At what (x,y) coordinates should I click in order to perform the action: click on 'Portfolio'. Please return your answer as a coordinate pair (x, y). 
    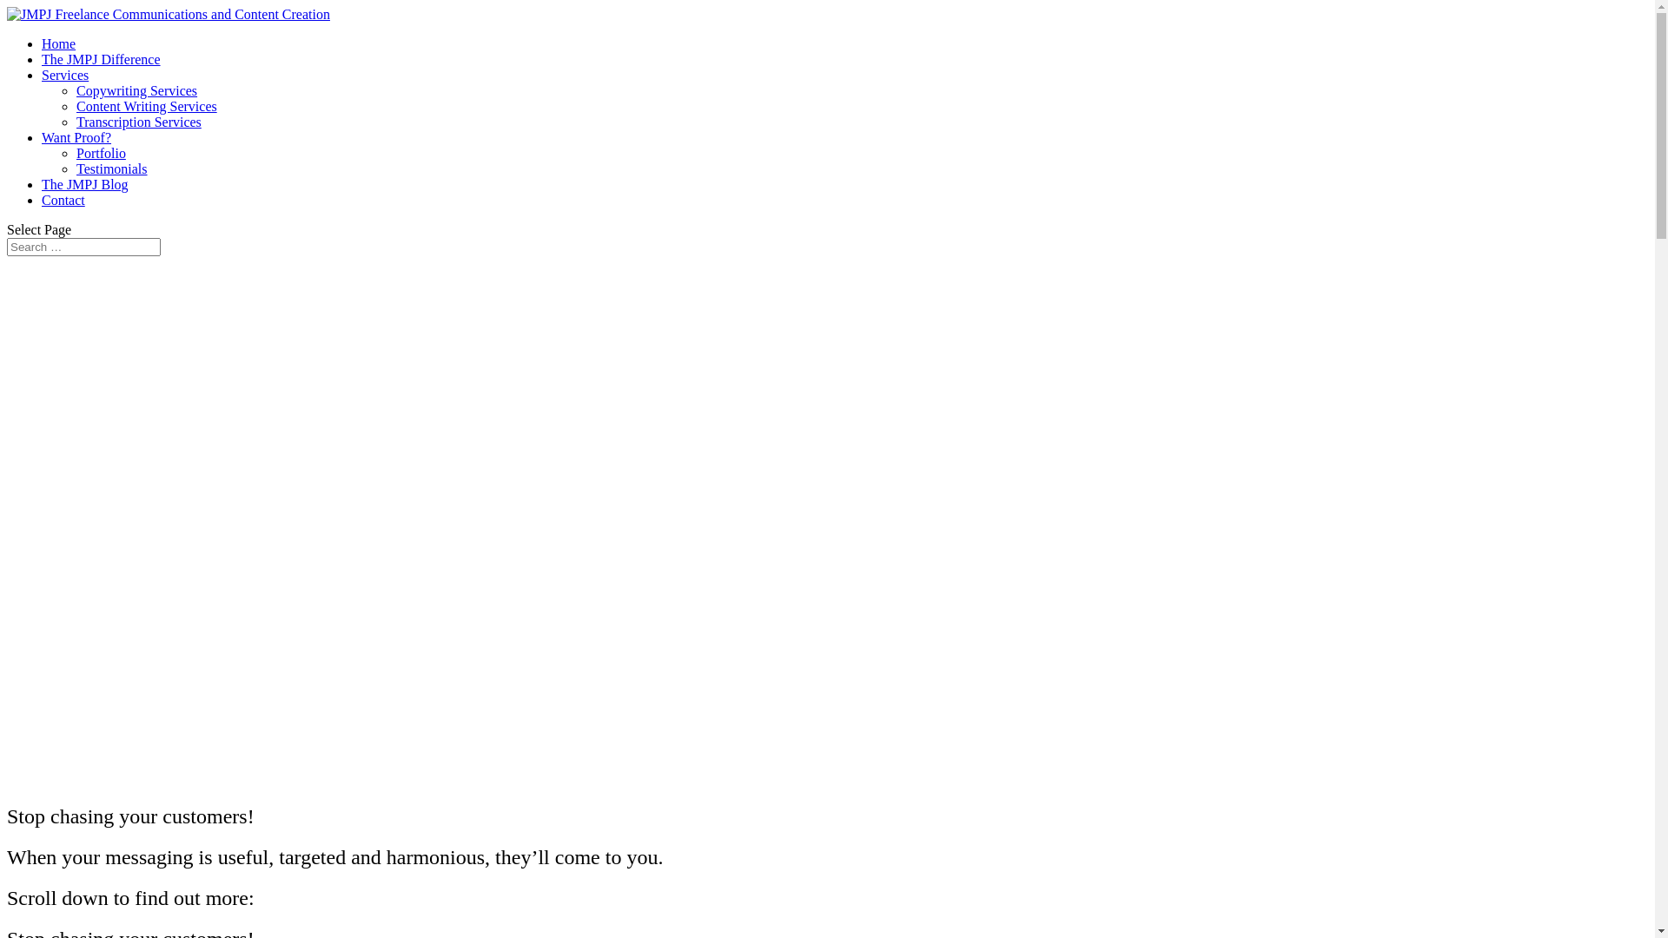
    Looking at the image, I should click on (100, 152).